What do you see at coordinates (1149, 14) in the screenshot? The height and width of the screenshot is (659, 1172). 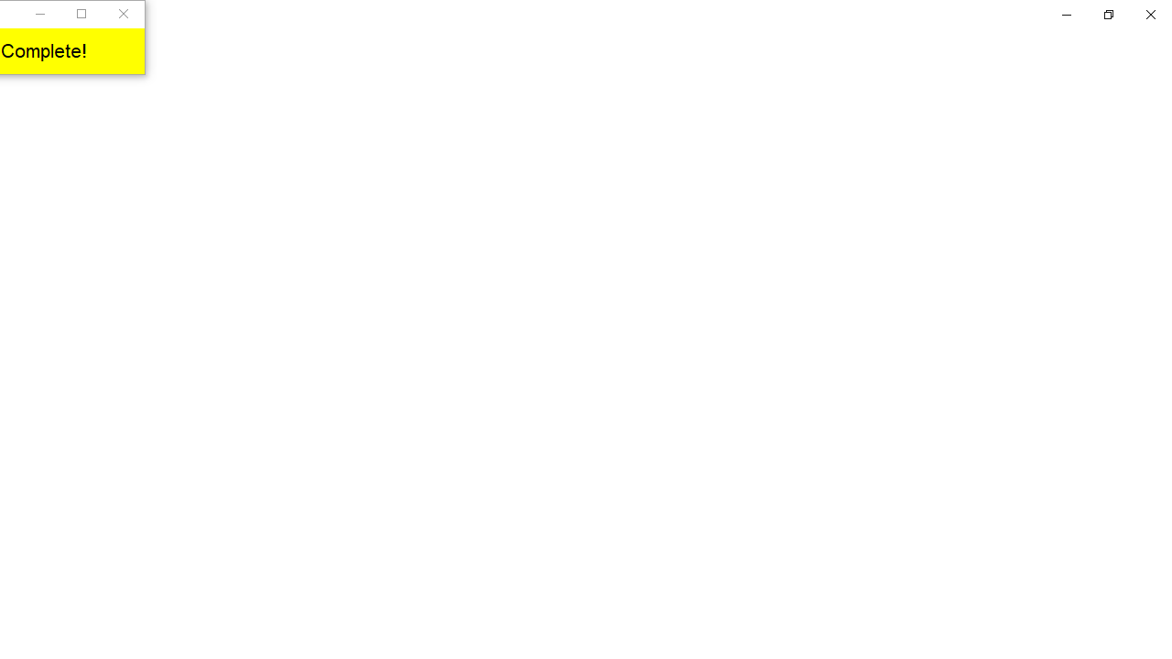 I see `'Close Settings'` at bounding box center [1149, 14].